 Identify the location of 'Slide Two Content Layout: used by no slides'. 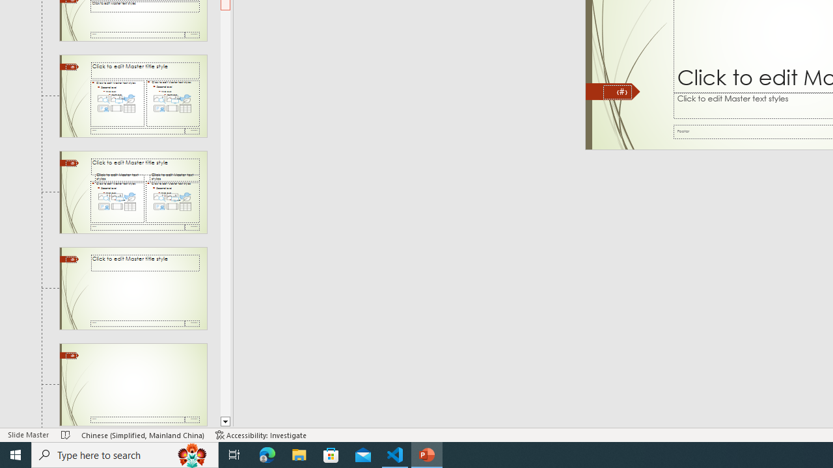
(133, 95).